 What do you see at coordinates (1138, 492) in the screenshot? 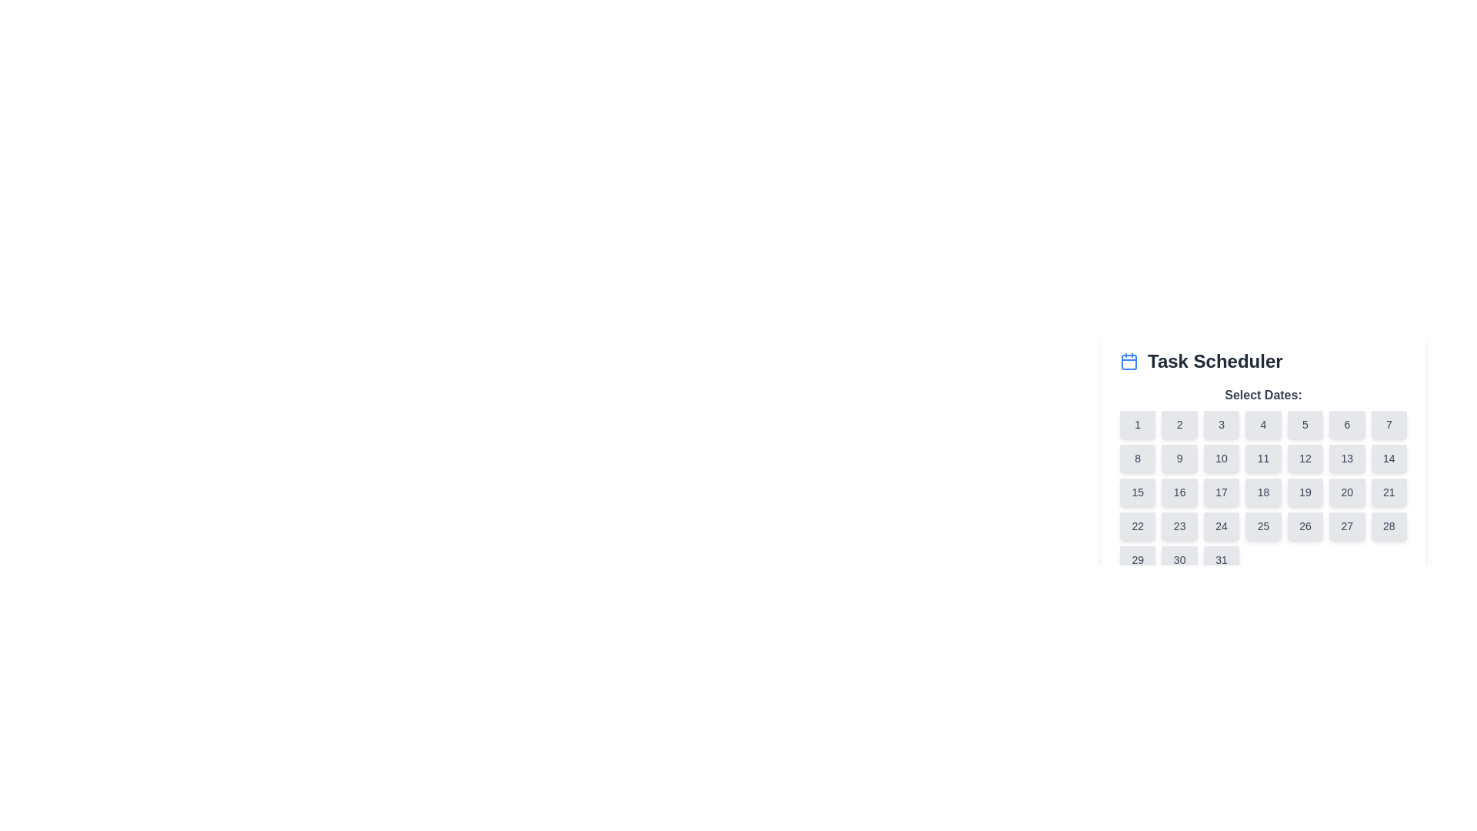
I see `the rectangular button with the number '15' centered on it` at bounding box center [1138, 492].